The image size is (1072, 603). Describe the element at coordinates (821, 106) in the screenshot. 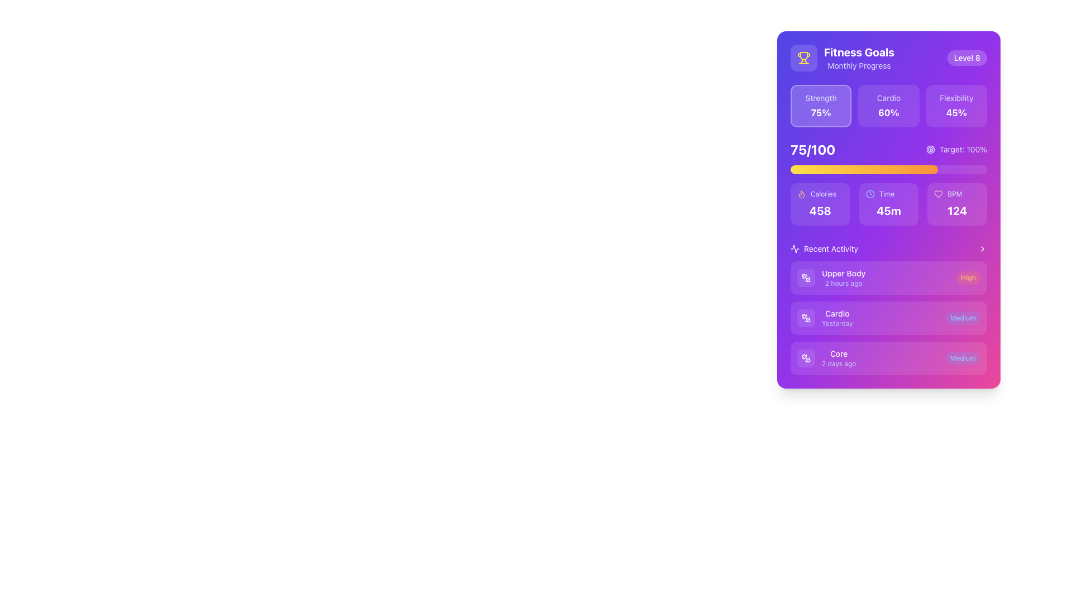

I see `the strength metric card in the fitness dashboard, which is the first card located at the top-left corner of the grid` at that location.